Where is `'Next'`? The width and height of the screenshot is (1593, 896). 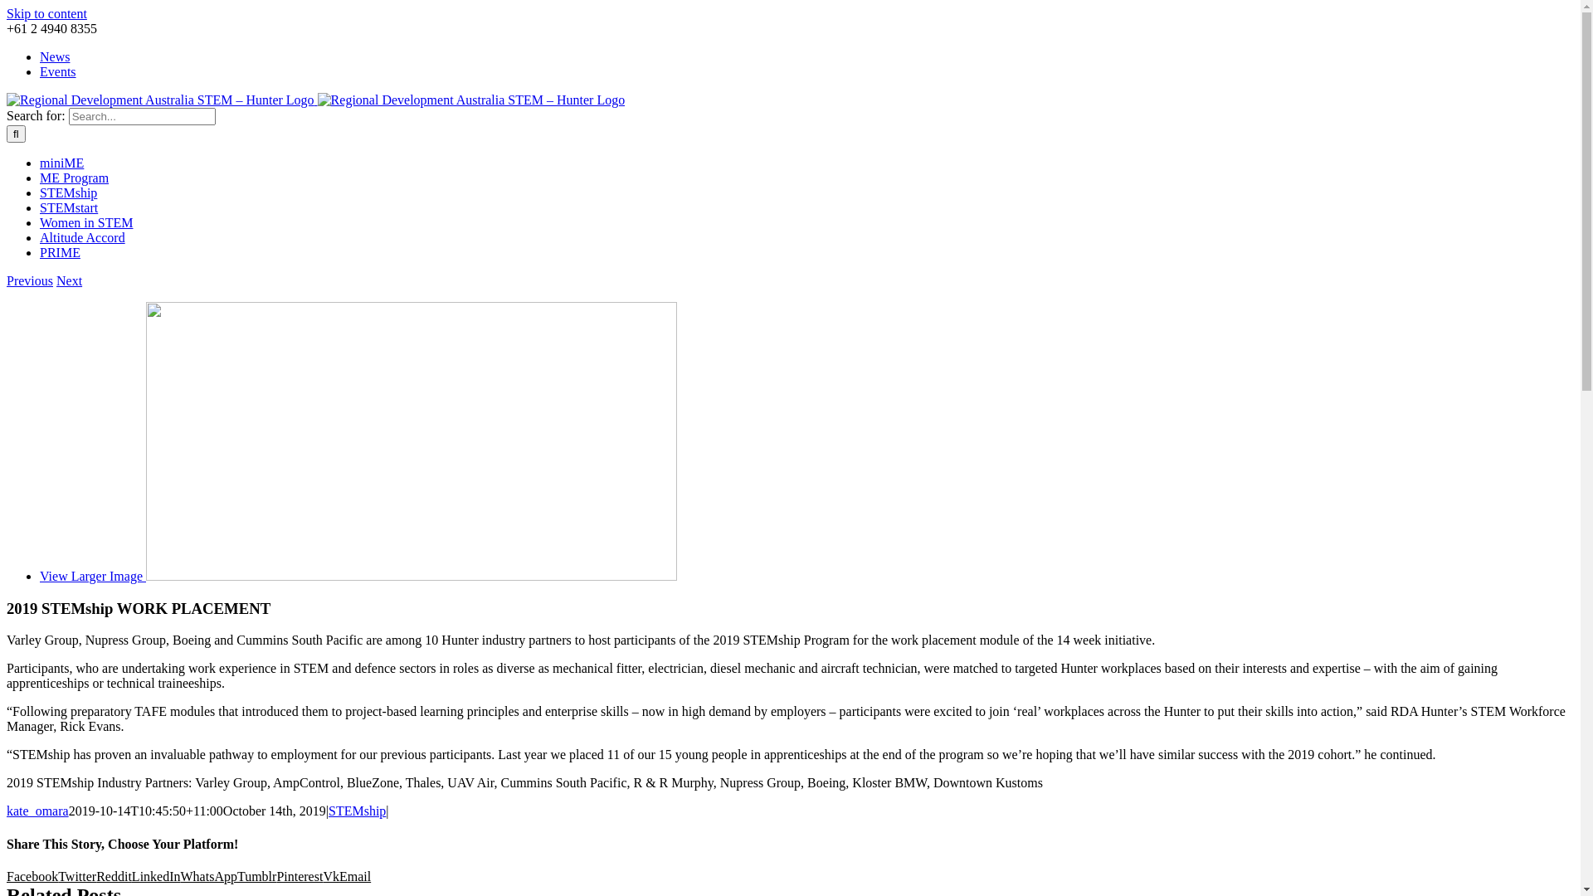 'Next' is located at coordinates (68, 280).